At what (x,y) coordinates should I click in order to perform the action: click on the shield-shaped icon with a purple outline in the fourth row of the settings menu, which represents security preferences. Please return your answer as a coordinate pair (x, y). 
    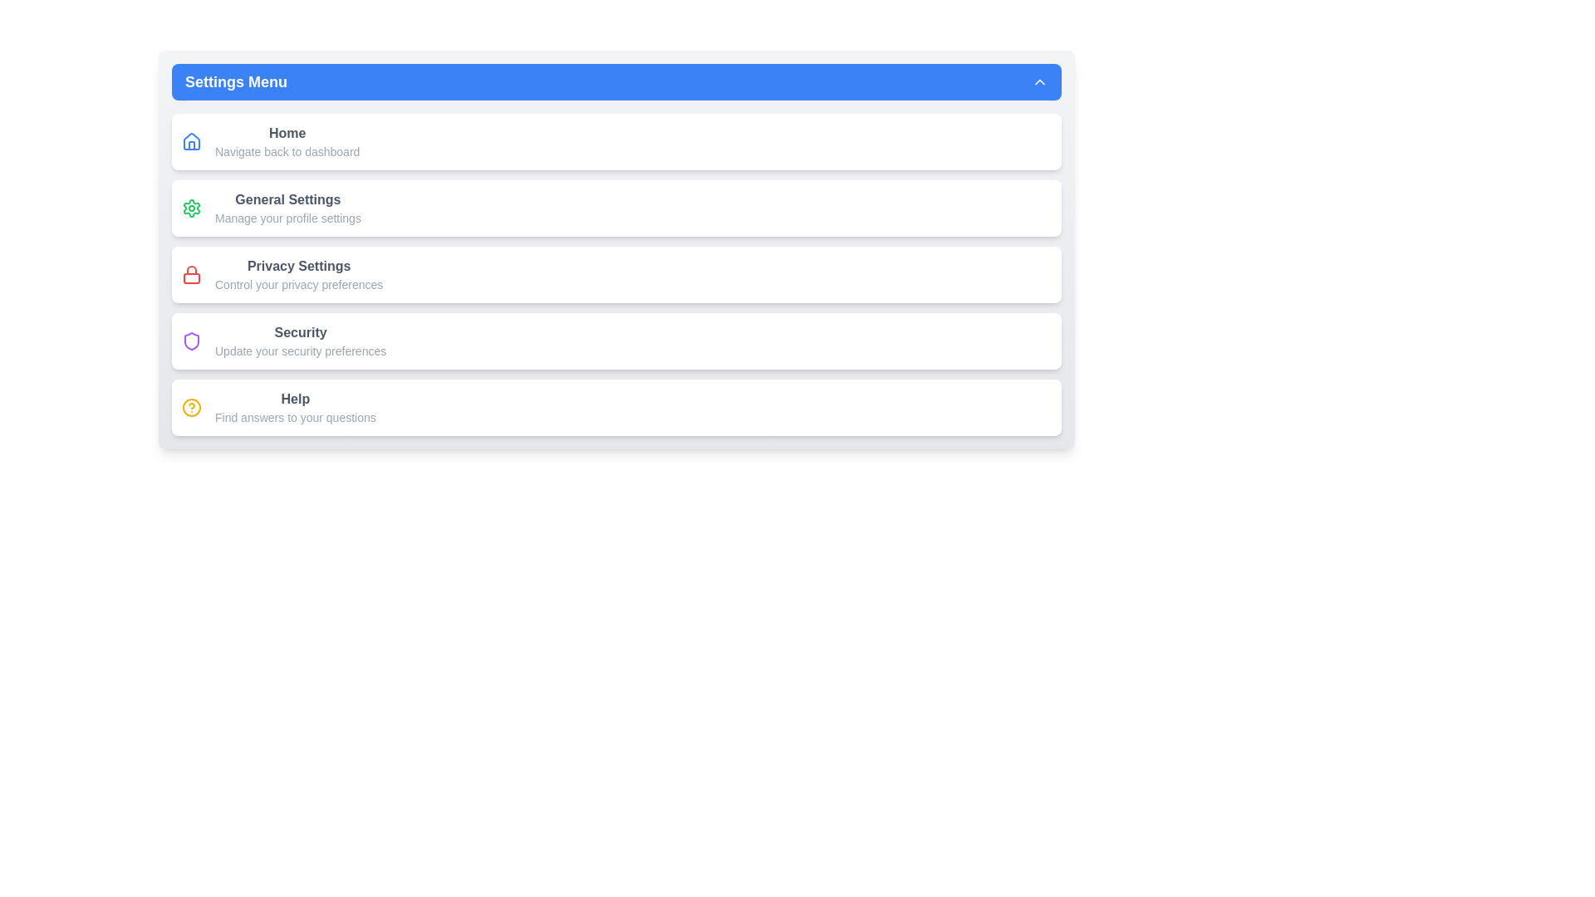
    Looking at the image, I should click on (191, 341).